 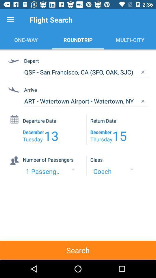 What do you see at coordinates (86, 72) in the screenshot?
I see `item below depart` at bounding box center [86, 72].